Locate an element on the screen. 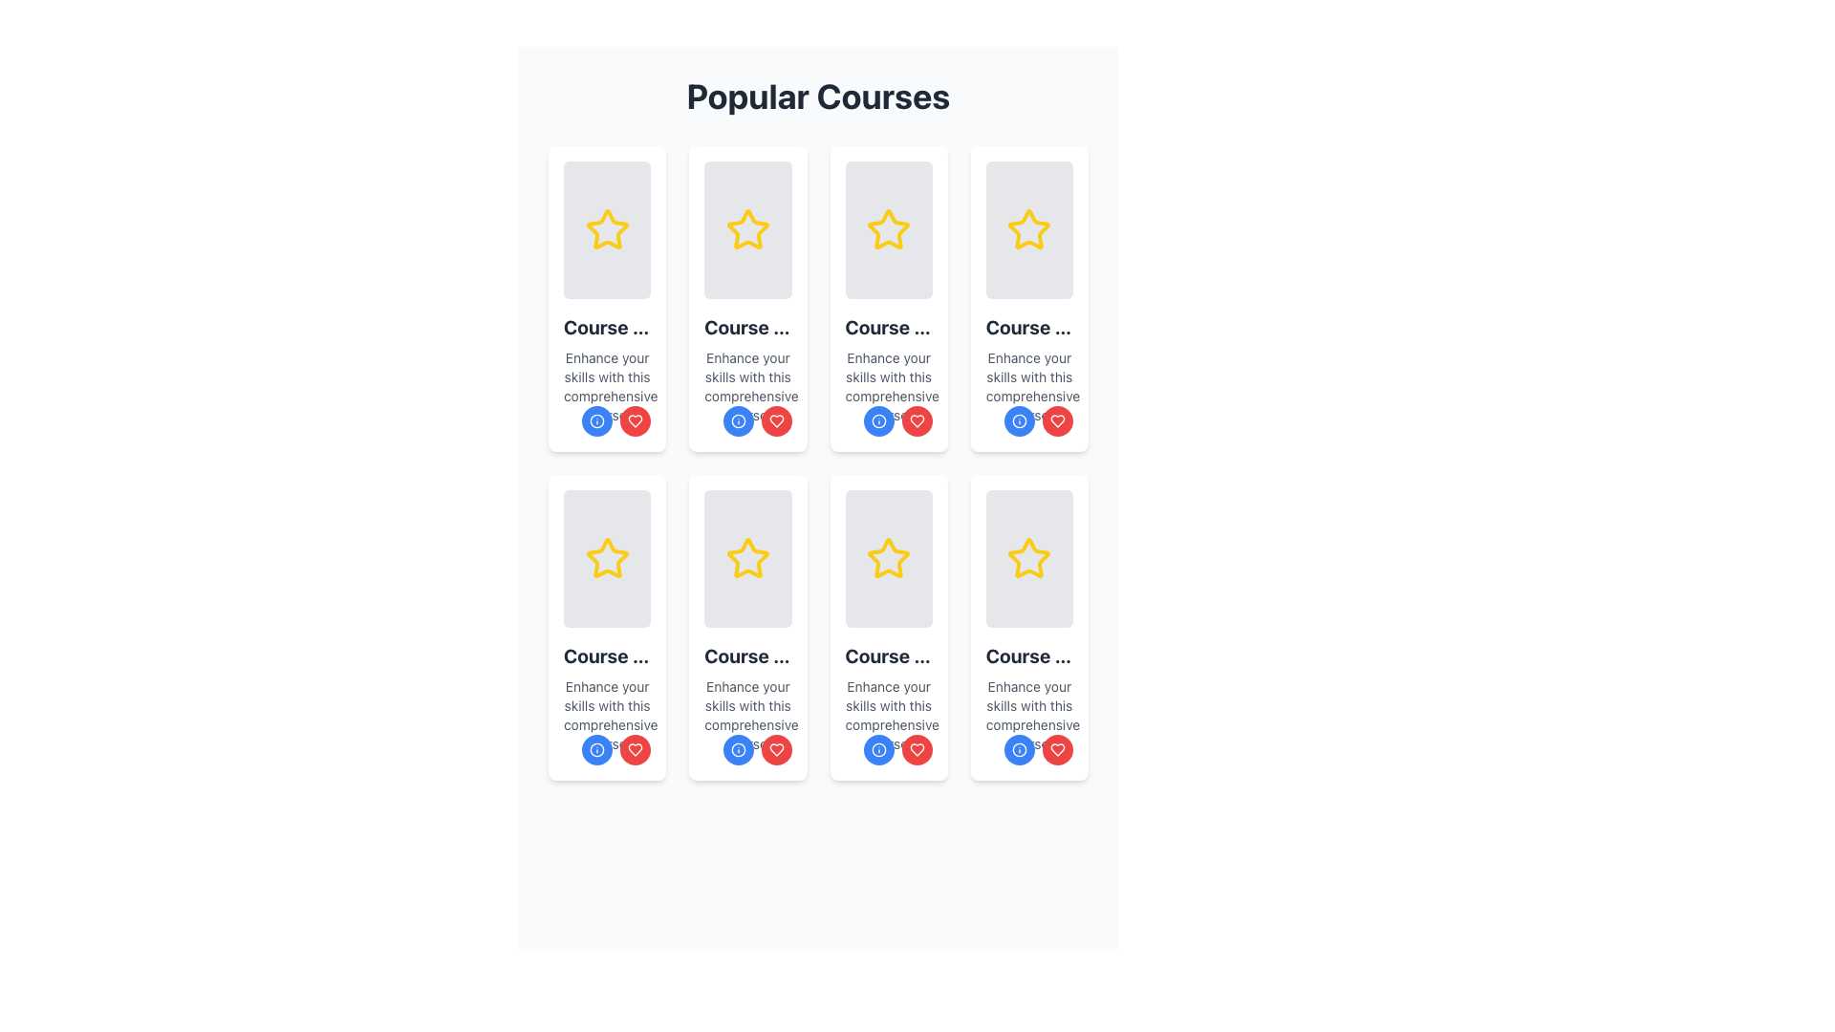 This screenshot has width=1835, height=1032. the Circular Icon located under the course description text in the course card, which serves as a status indicator or interactive feature is located at coordinates (596, 419).